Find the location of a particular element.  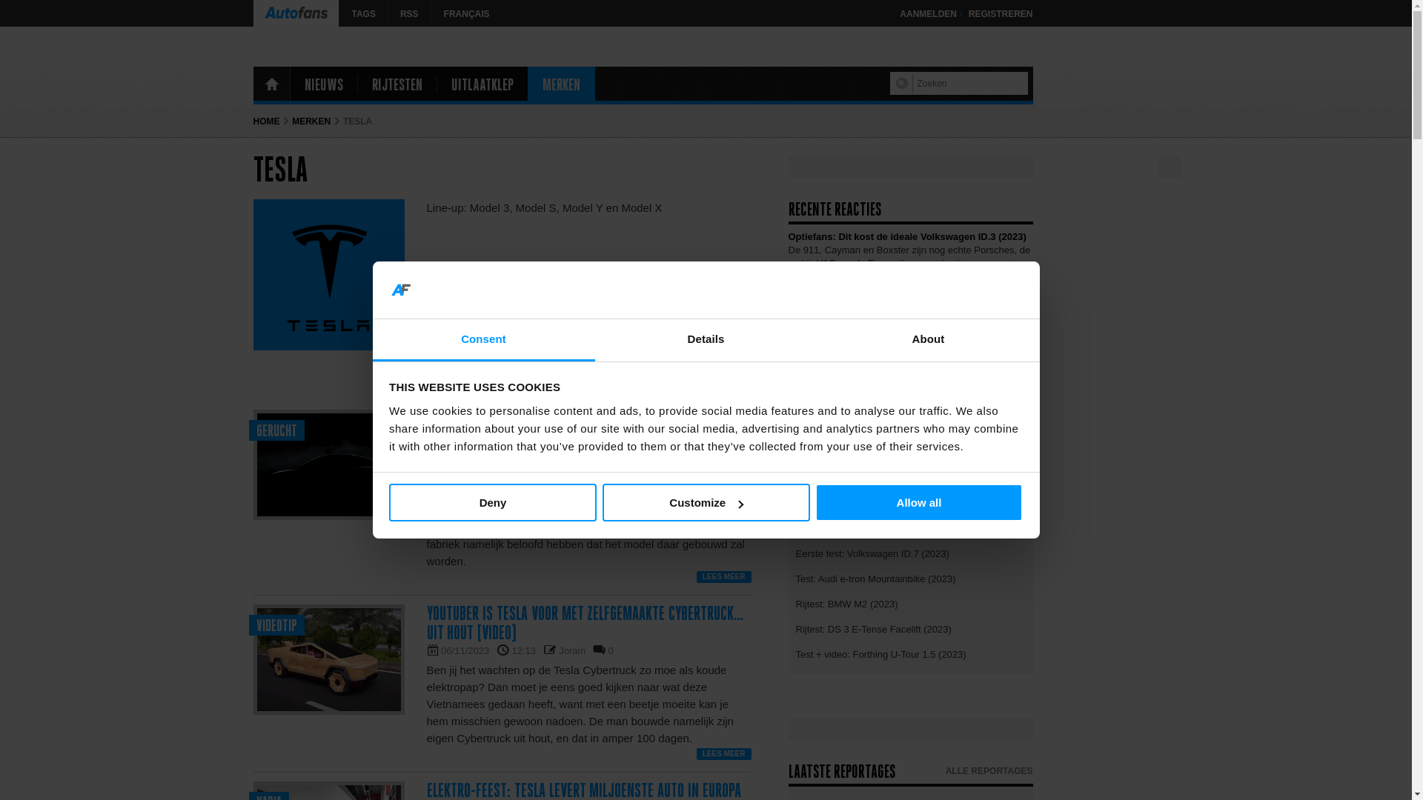

'Eerste test: Volkswagen ID.7 (2023)' is located at coordinates (909, 552).